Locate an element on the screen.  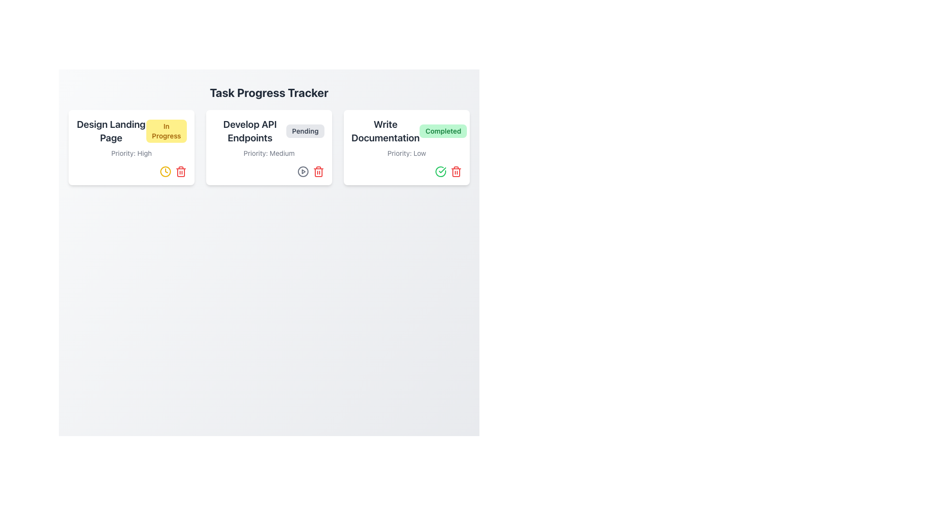
the circular UI icon representing the timing aspect of the task status in the 'Task Progress Tracker' interface, located near the bottom-left corner of the 'Design Landing Page' task card is located at coordinates (165, 171).